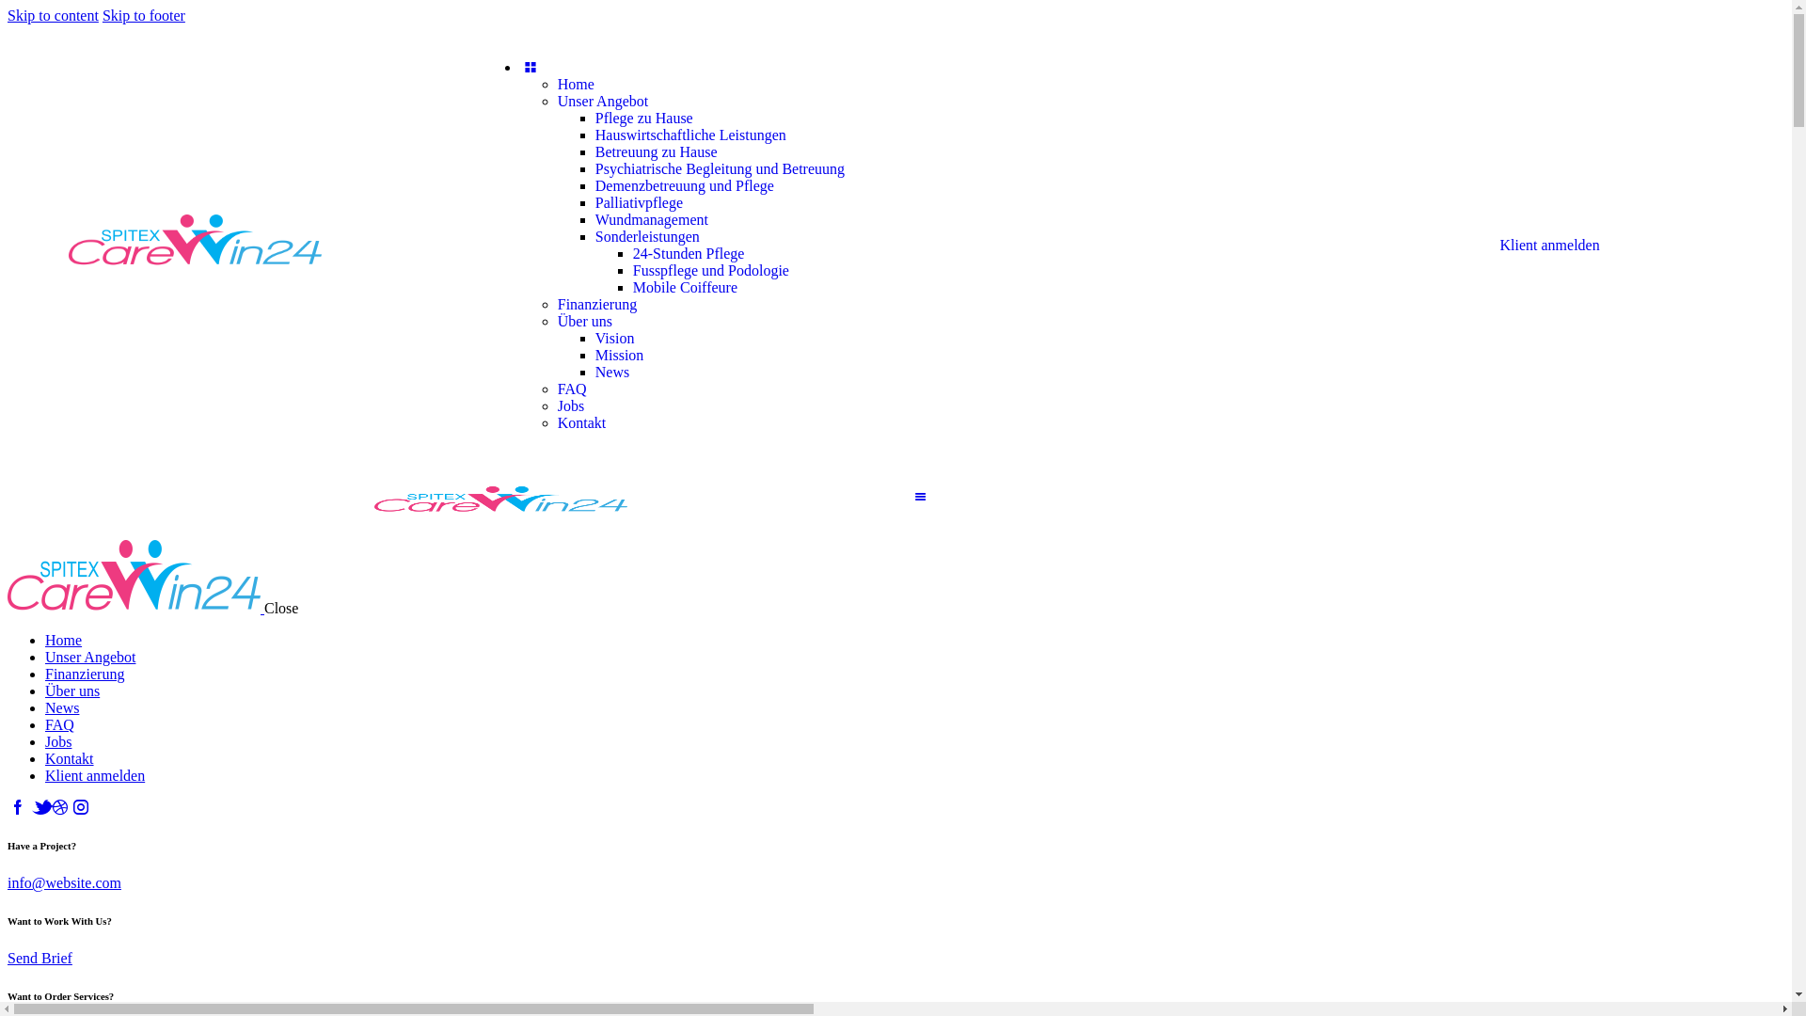  I want to click on 'Betreuung zu Hause', so click(656, 151).